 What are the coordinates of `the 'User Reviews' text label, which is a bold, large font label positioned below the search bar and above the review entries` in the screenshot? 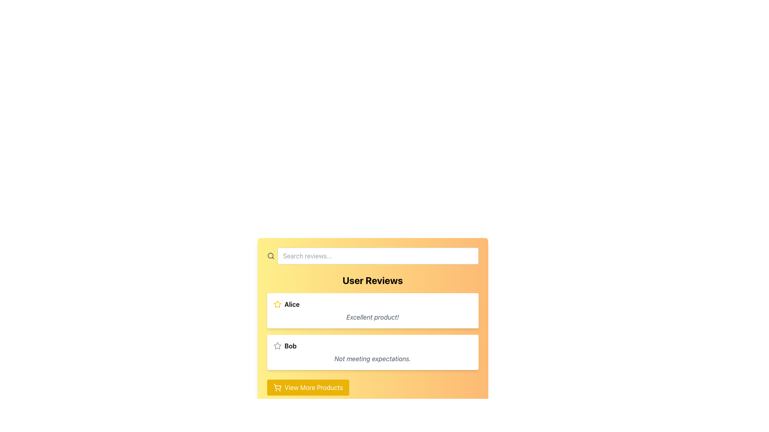 It's located at (372, 280).